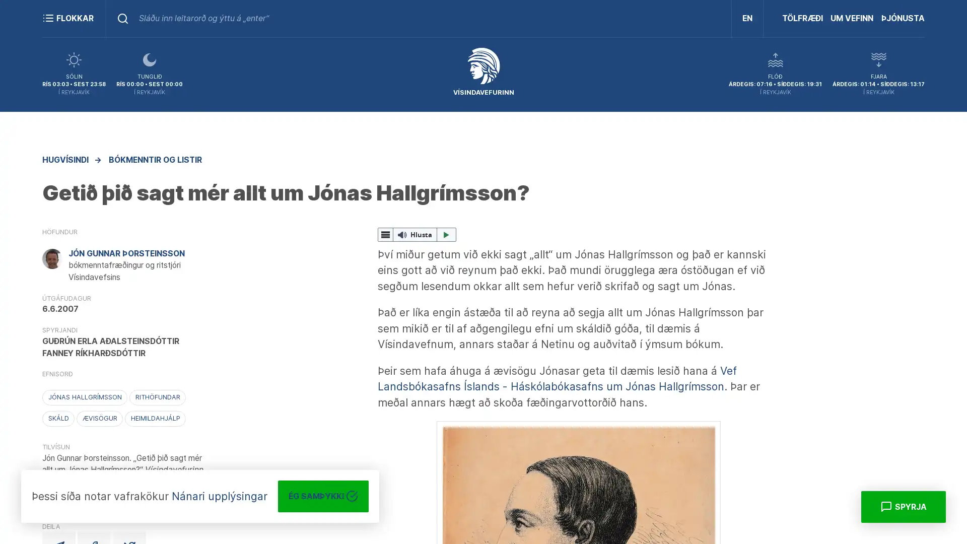 The width and height of the screenshot is (967, 544). Describe the element at coordinates (417, 234) in the screenshot. I see `ReadSpeaker webReader: Hlusta me webReader` at that location.